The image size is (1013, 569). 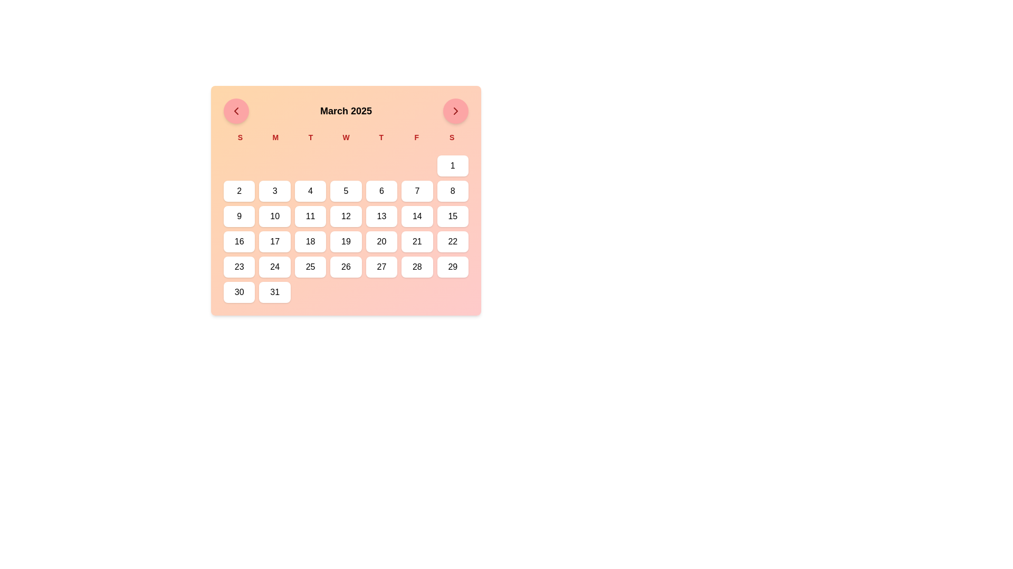 I want to click on the left-pointing chevron icon within the circular red button located at the top left corner of the calendar interface, so click(x=235, y=111).